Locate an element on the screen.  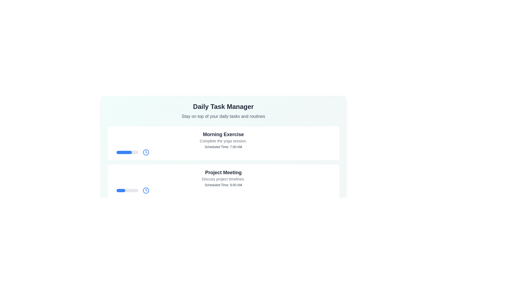
the leftmost SVG graphical element indicating completion or status for the 'Morning Exercise' item located between a progress bar and textual information is located at coordinates (146, 152).